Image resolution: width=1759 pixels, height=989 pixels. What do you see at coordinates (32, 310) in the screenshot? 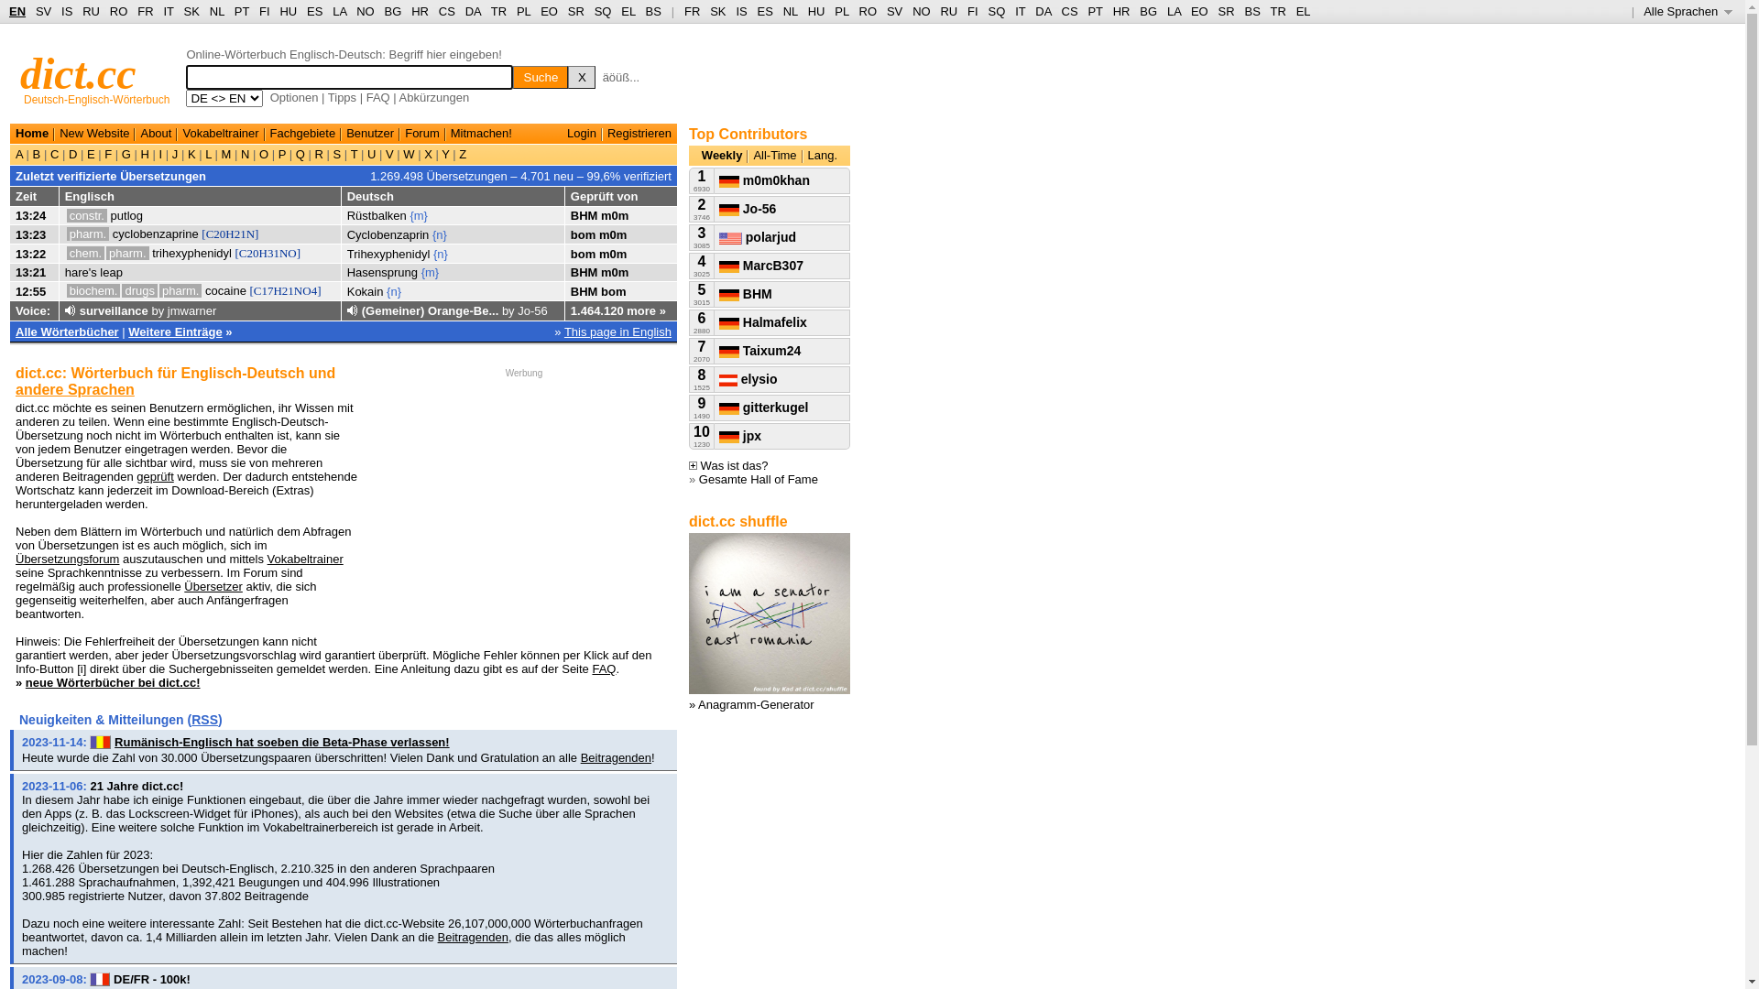
I see `'Voice:'` at bounding box center [32, 310].